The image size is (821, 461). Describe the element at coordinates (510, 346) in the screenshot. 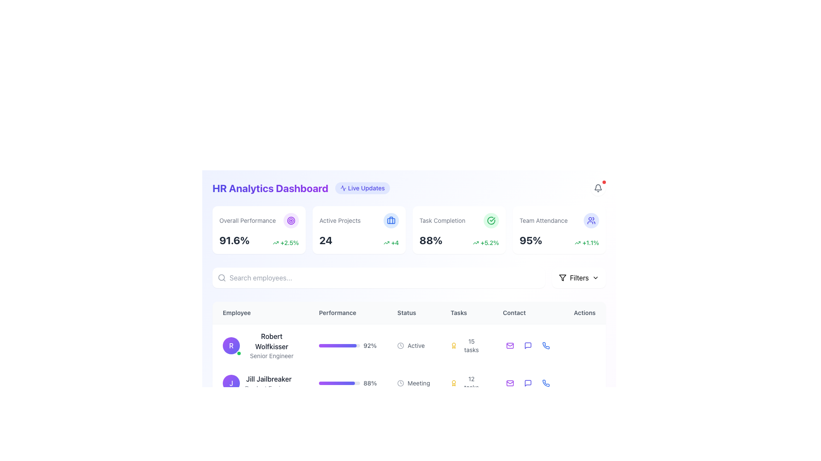

I see `the button in the 'Contact' column of the first row for employee 'Robert Wolfkisser' to initiate email communication` at that location.